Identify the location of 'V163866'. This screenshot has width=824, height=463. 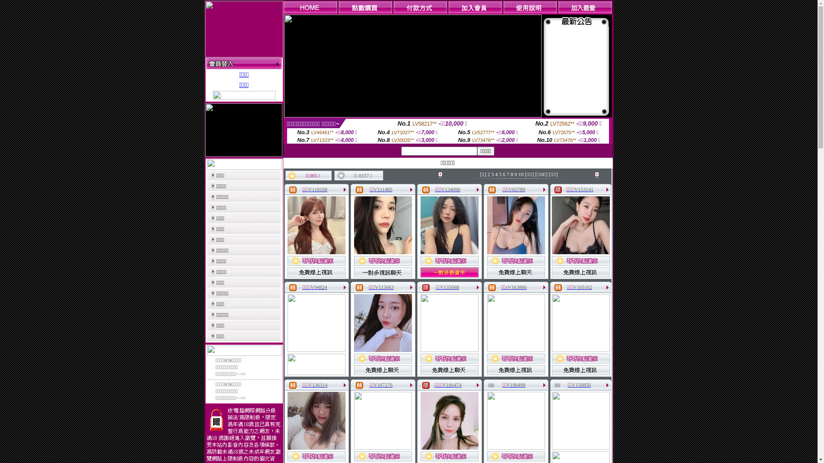
(517, 287).